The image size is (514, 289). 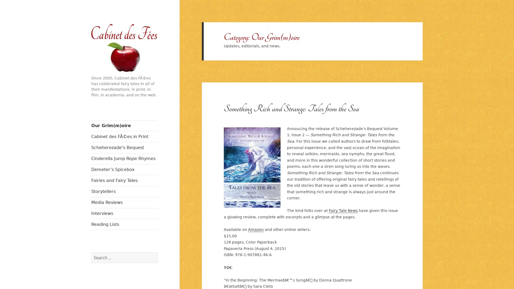 What do you see at coordinates (157, 252) in the screenshot?
I see `Search` at bounding box center [157, 252].